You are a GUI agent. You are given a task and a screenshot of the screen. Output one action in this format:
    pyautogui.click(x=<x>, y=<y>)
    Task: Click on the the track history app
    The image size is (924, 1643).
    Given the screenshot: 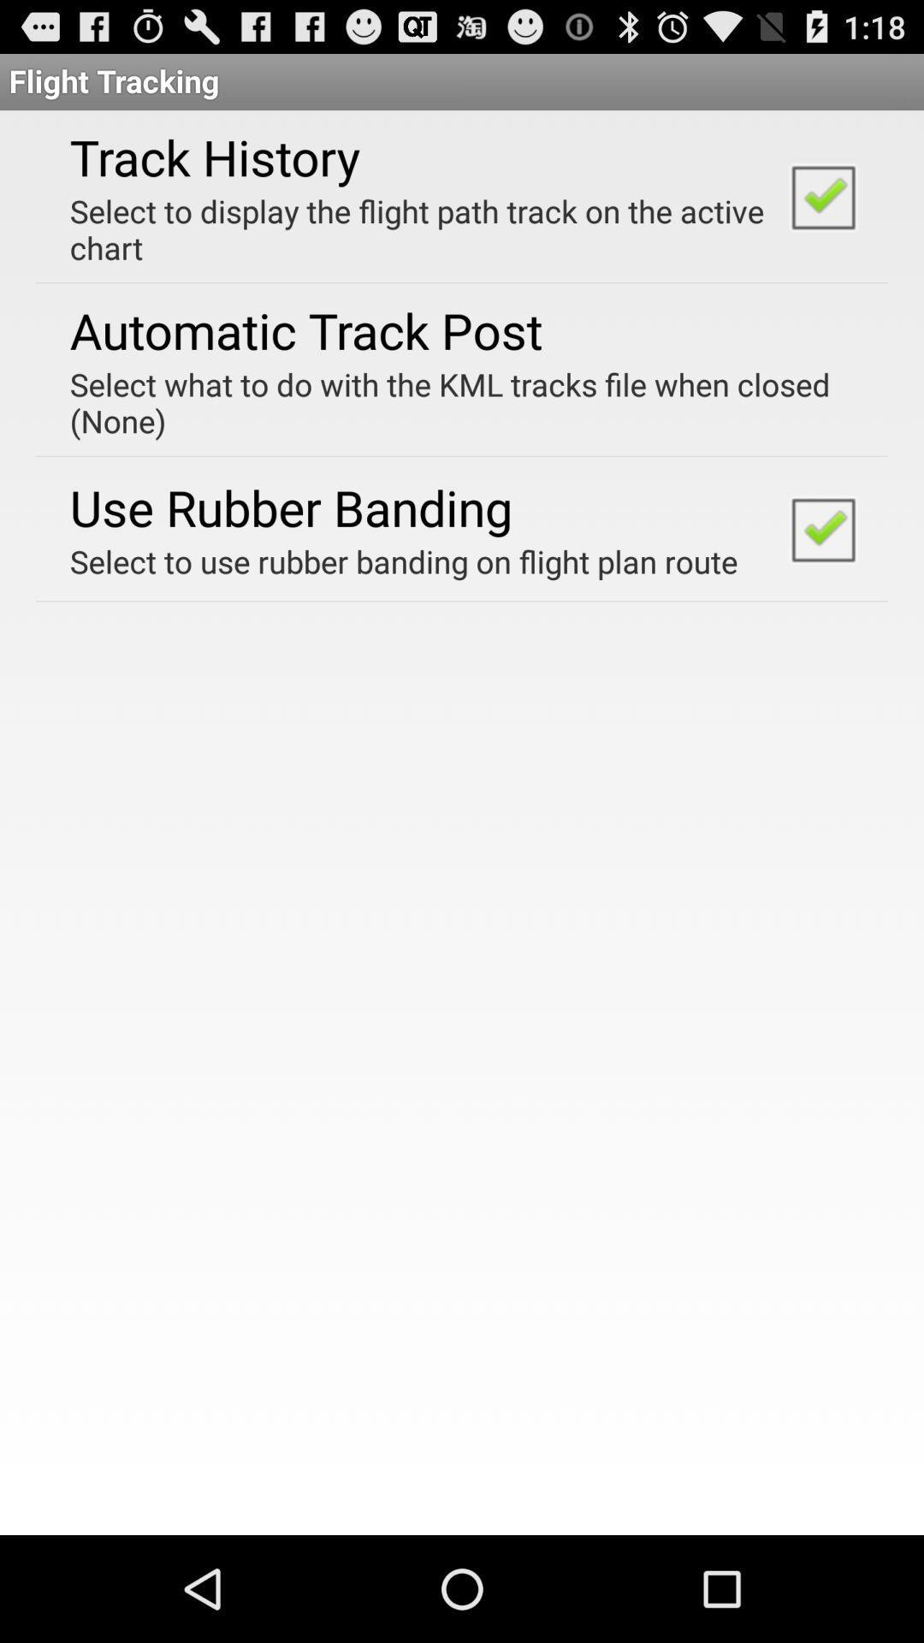 What is the action you would take?
    pyautogui.click(x=214, y=157)
    